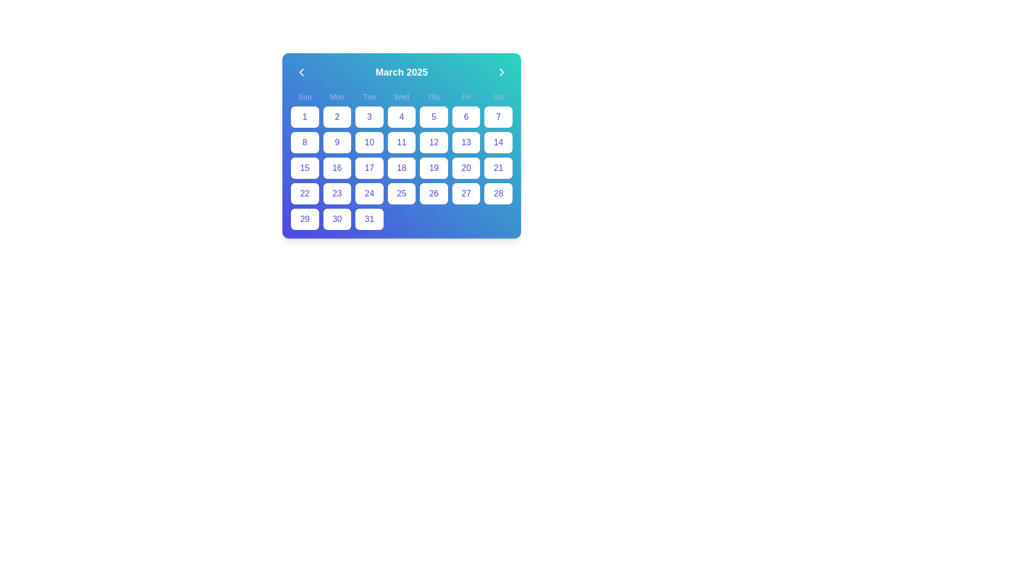 The image size is (1023, 575). What do you see at coordinates (401, 117) in the screenshot?
I see `the button displaying the date '4' in the fourth column under the 'Wed' header of the calendar interface` at bounding box center [401, 117].